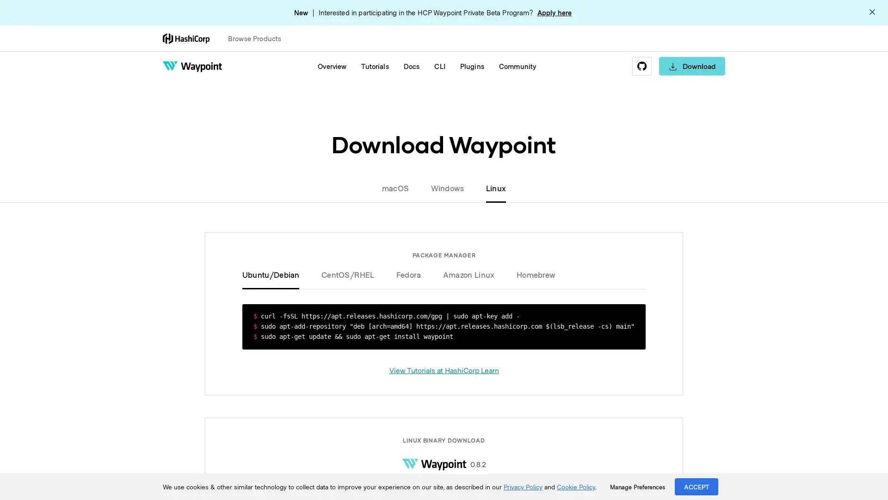 Image resolution: width=888 pixels, height=500 pixels. Describe the element at coordinates (872, 12) in the screenshot. I see `Dismiss alert` at that location.